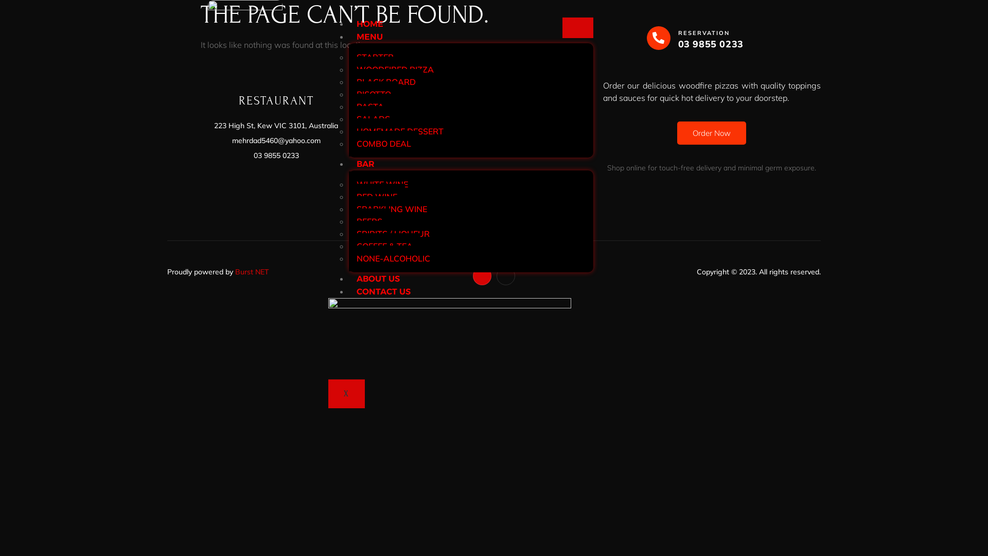  Describe the element at coordinates (373, 94) in the screenshot. I see `'RISOTTO'` at that location.